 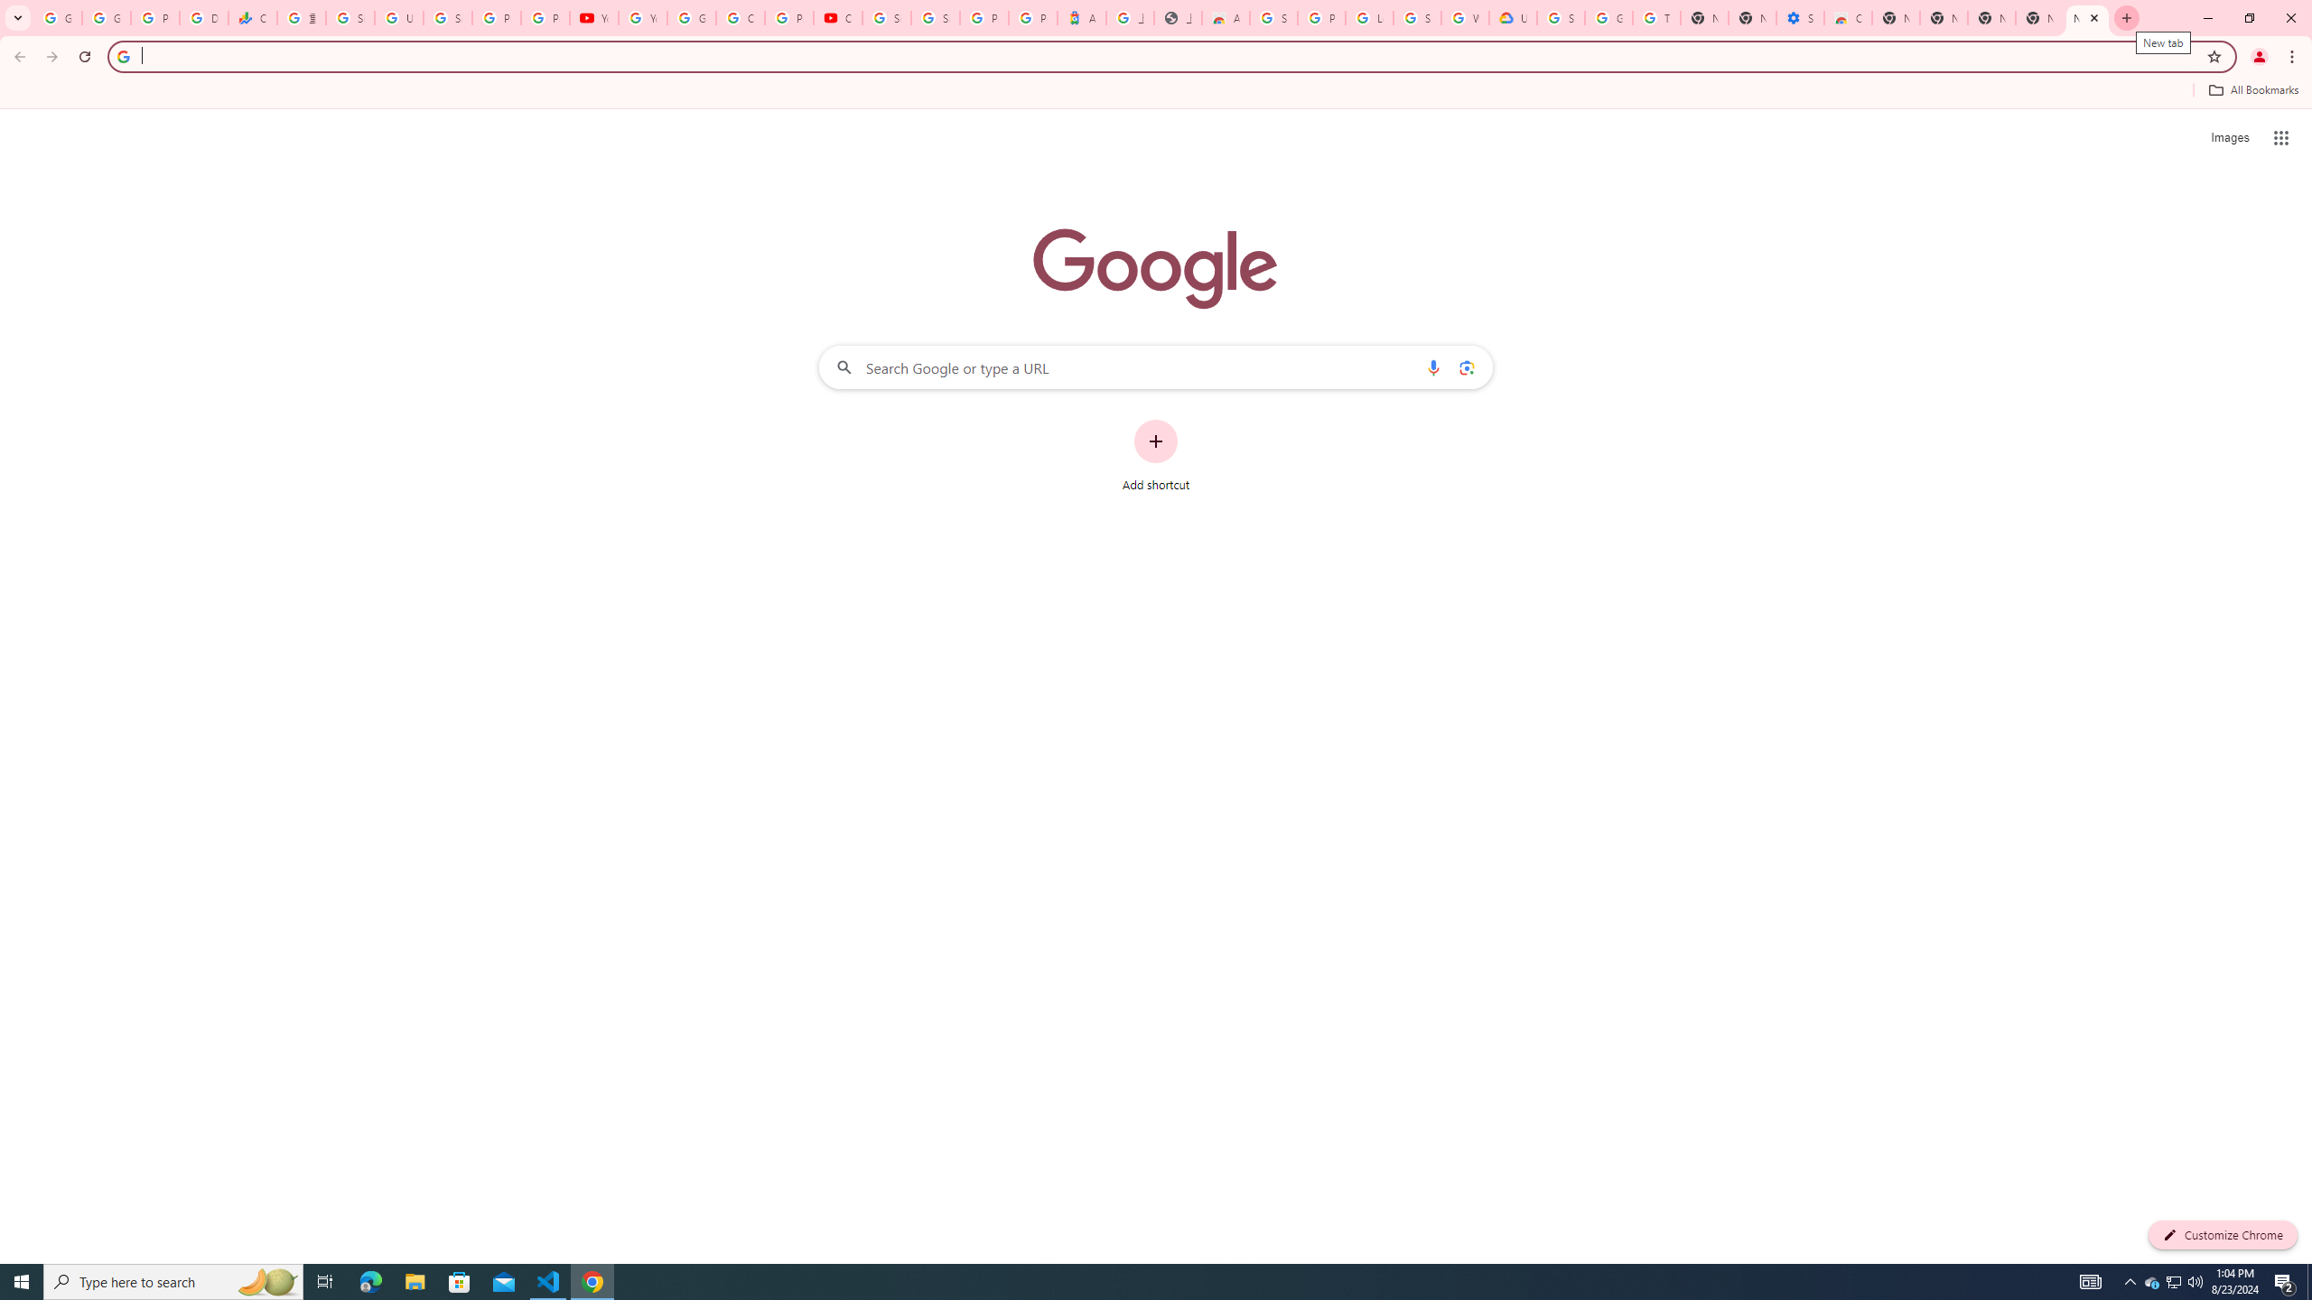 What do you see at coordinates (1082, 17) in the screenshot?
I see `'Atour Hotel - Google hotels'` at bounding box center [1082, 17].